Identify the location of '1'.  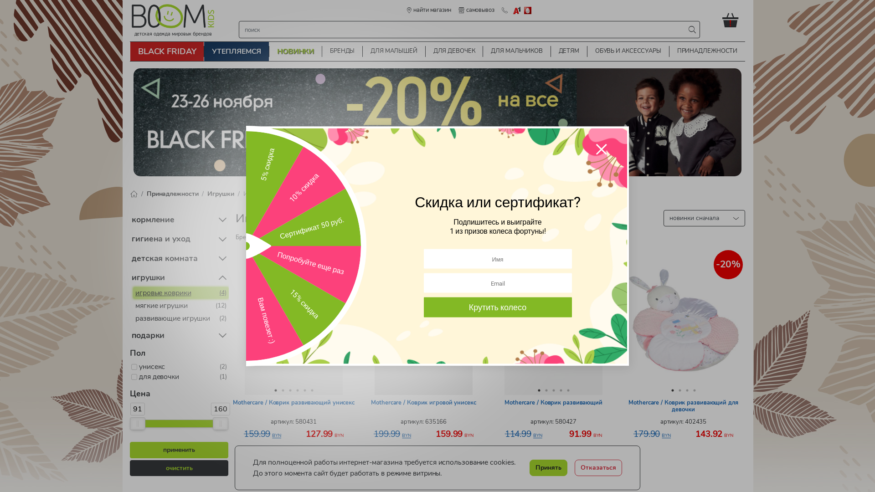
(271, 389).